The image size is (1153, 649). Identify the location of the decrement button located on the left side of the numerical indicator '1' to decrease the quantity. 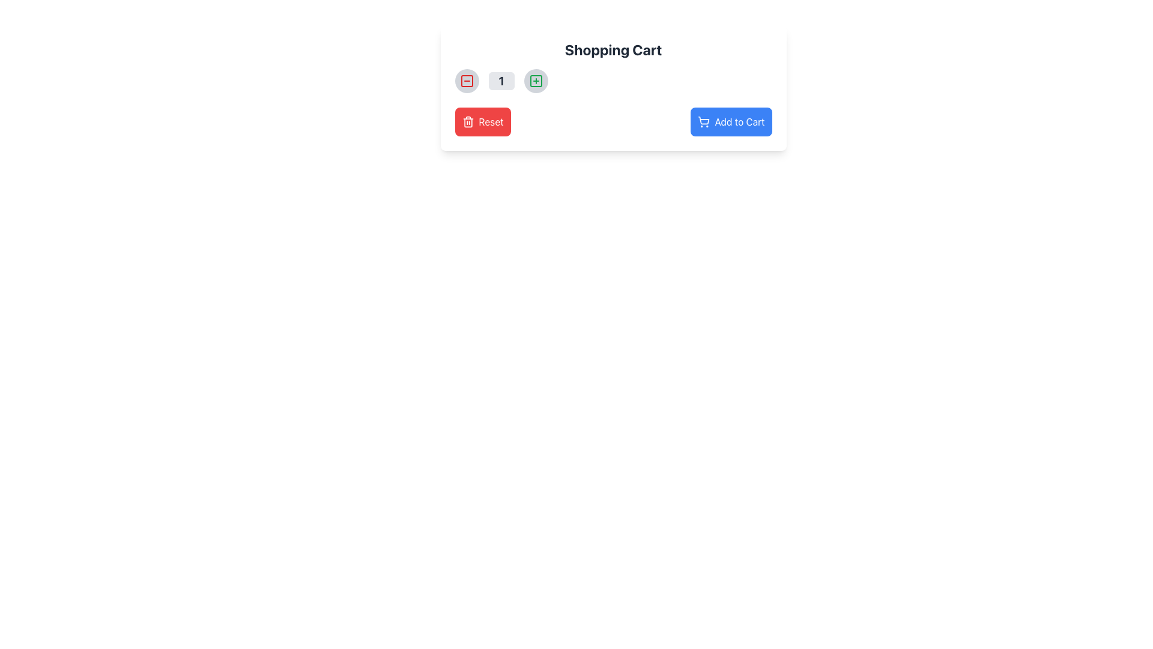
(466, 81).